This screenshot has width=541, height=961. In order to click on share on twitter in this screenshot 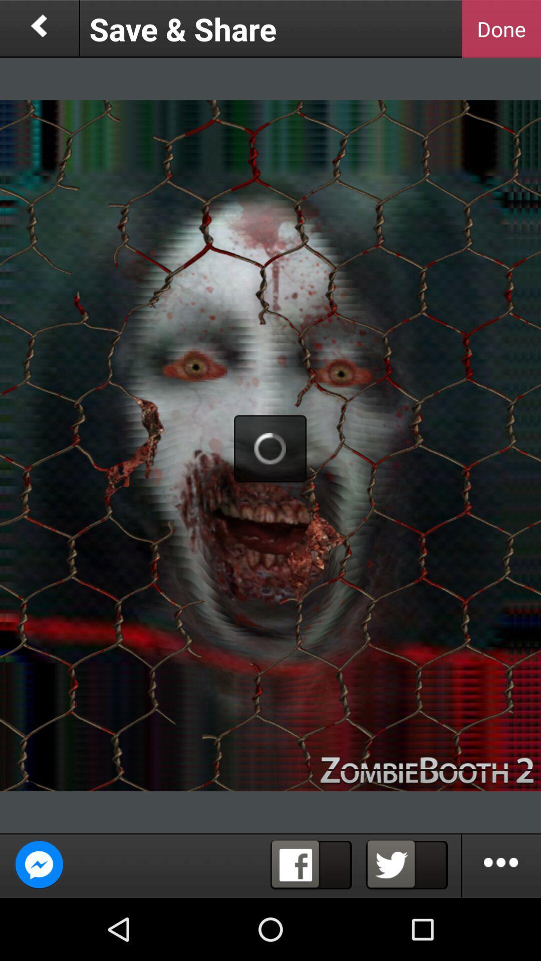, I will do `click(407, 864)`.